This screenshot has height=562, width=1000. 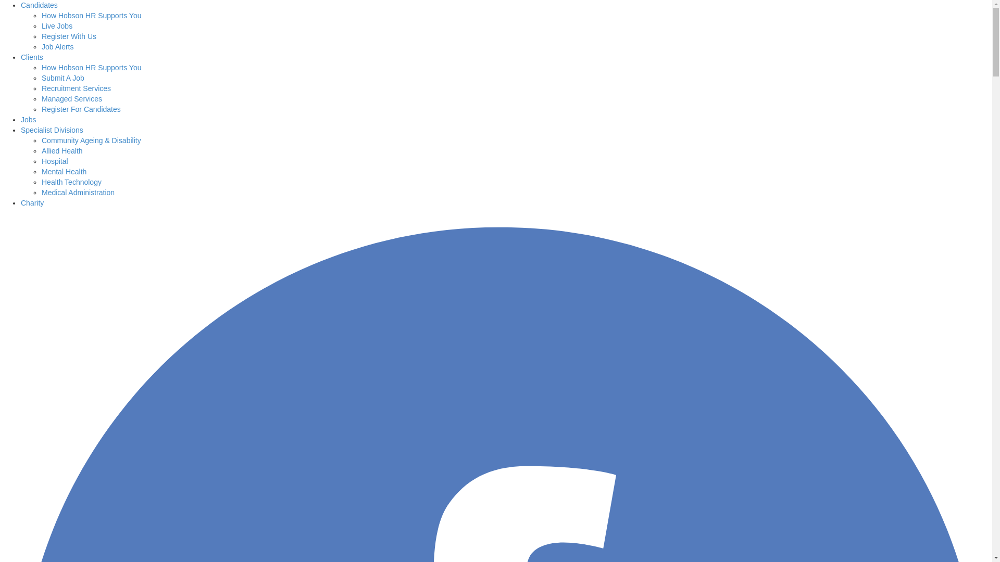 What do you see at coordinates (68, 35) in the screenshot?
I see `'Register With Us'` at bounding box center [68, 35].